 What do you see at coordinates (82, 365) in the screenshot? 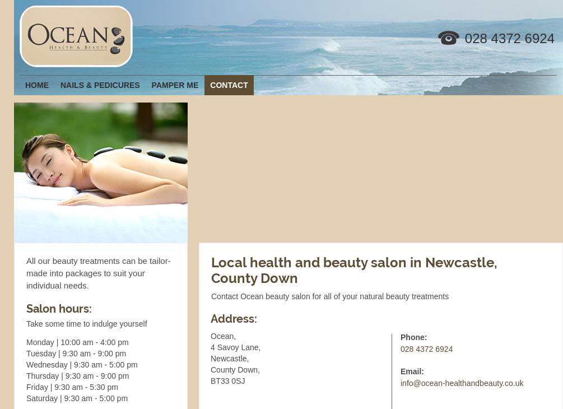
I see `'Wednesday | 9:30 am - 5:00 pm'` at bounding box center [82, 365].